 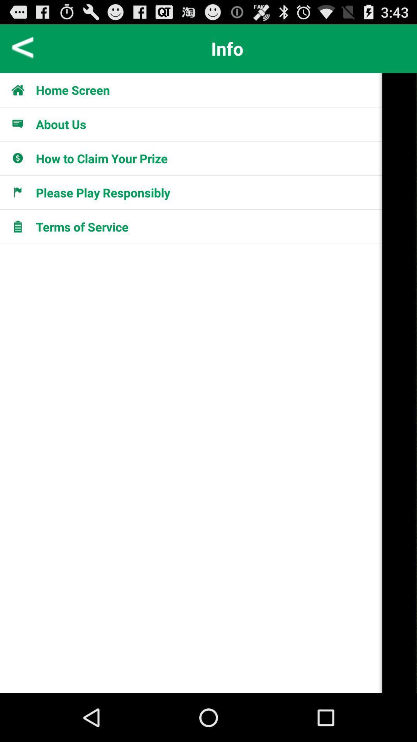 I want to click on item below home screen icon, so click(x=61, y=124).